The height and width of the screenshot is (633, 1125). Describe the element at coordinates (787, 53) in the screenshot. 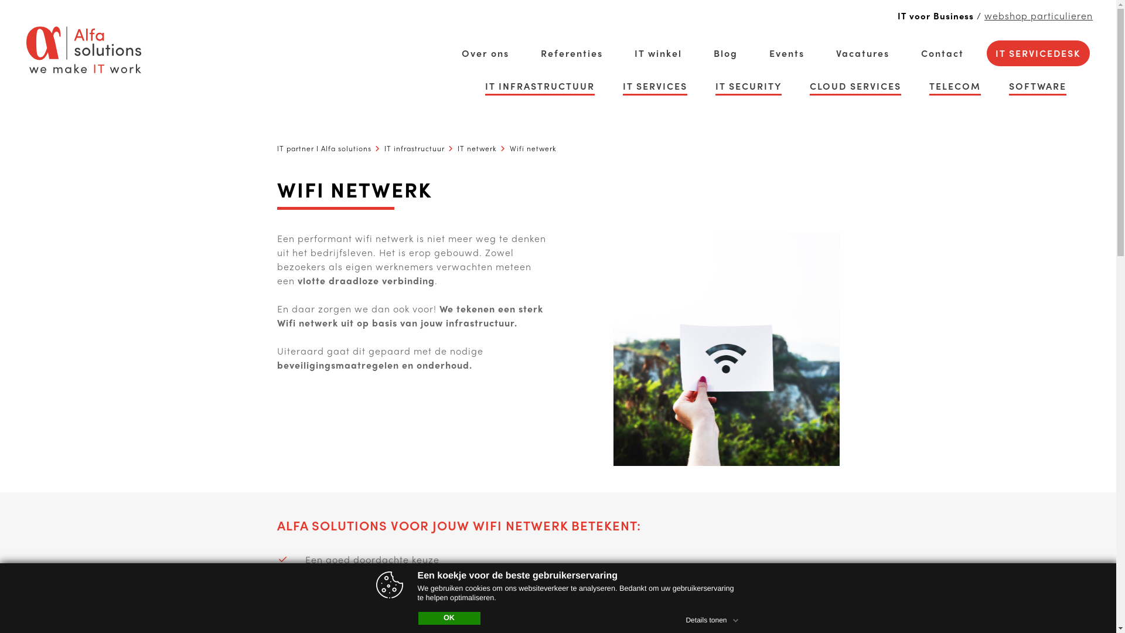

I see `'Events'` at that location.